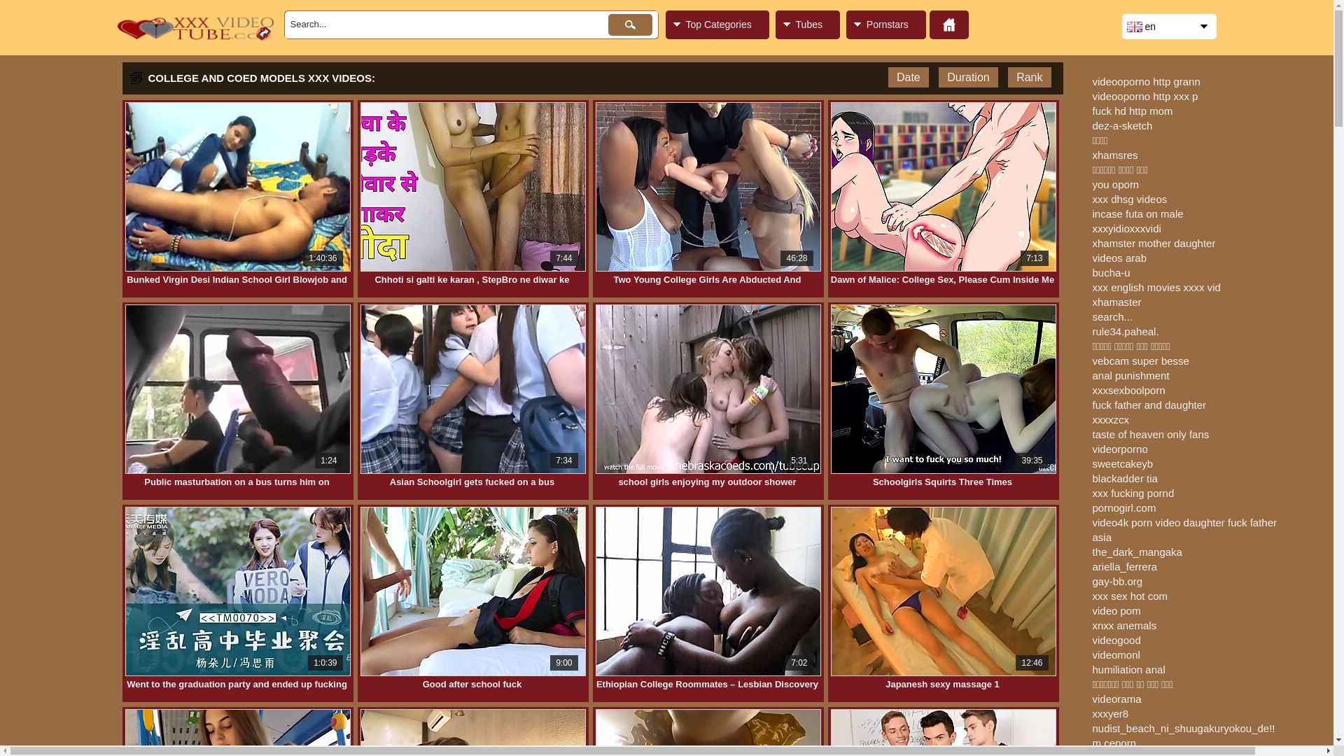 The height and width of the screenshot is (756, 1344). Describe the element at coordinates (1110, 272) in the screenshot. I see `'bucha-u'` at that location.